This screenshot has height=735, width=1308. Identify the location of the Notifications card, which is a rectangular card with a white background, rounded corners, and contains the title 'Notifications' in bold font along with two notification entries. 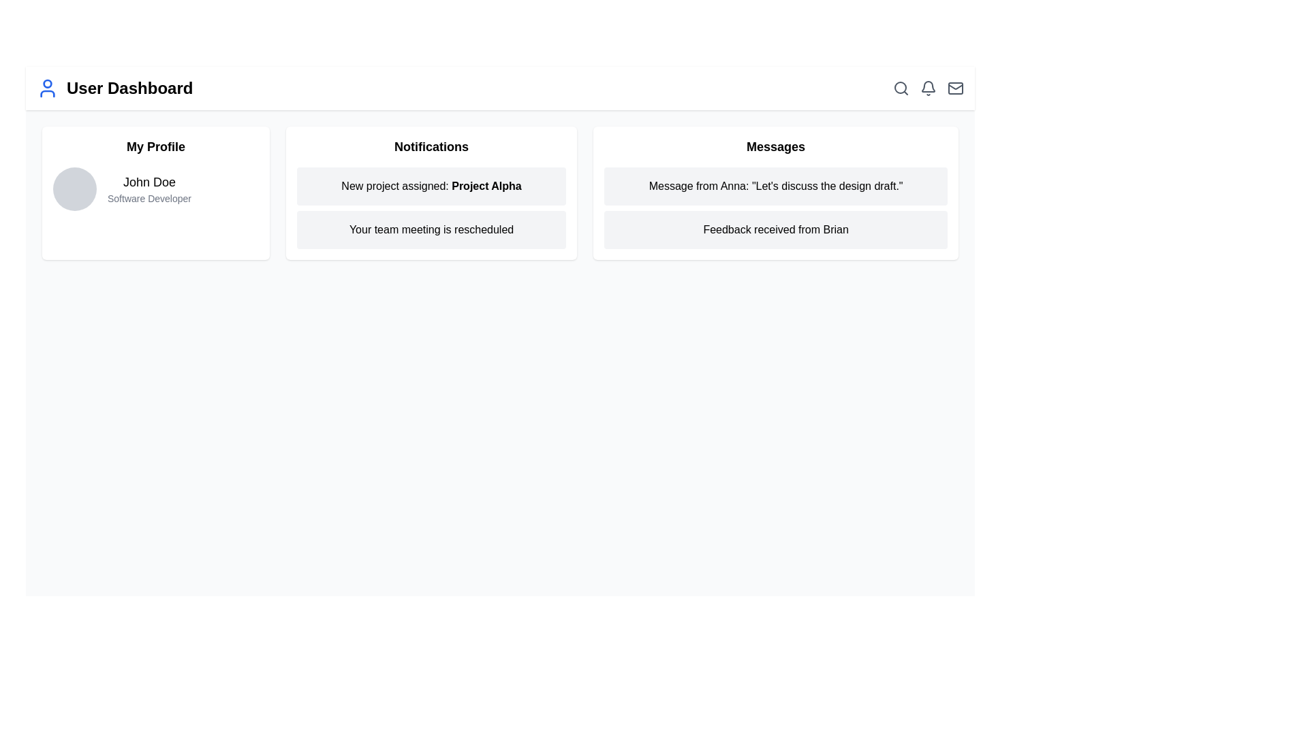
(431, 193).